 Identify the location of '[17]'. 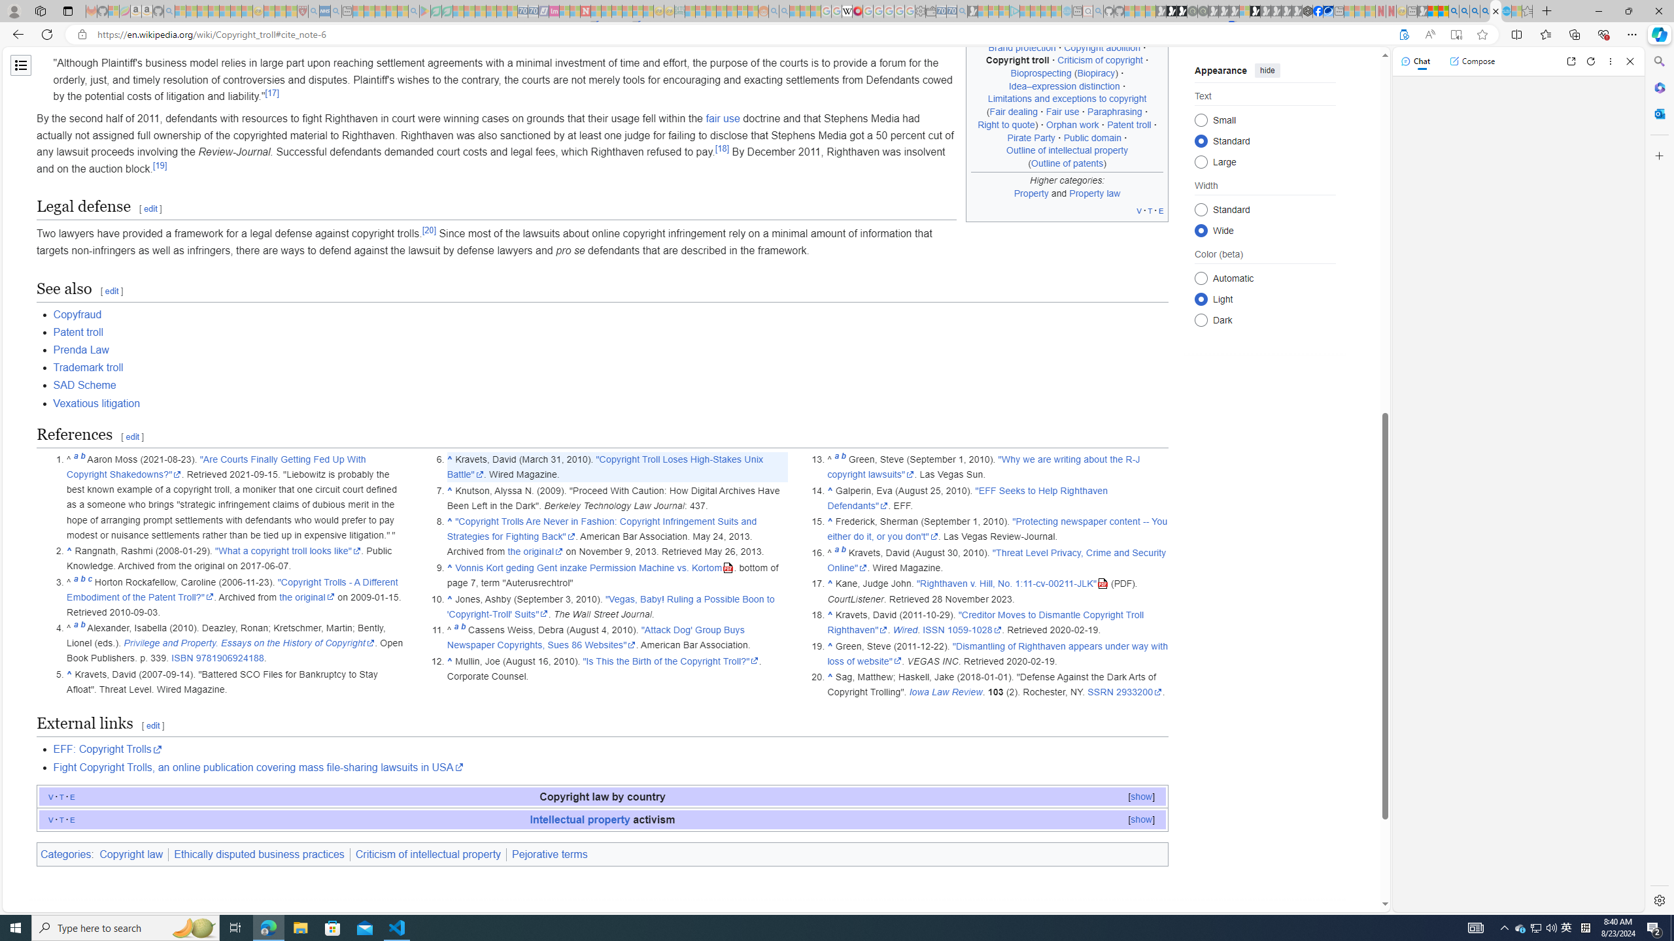
(271, 93).